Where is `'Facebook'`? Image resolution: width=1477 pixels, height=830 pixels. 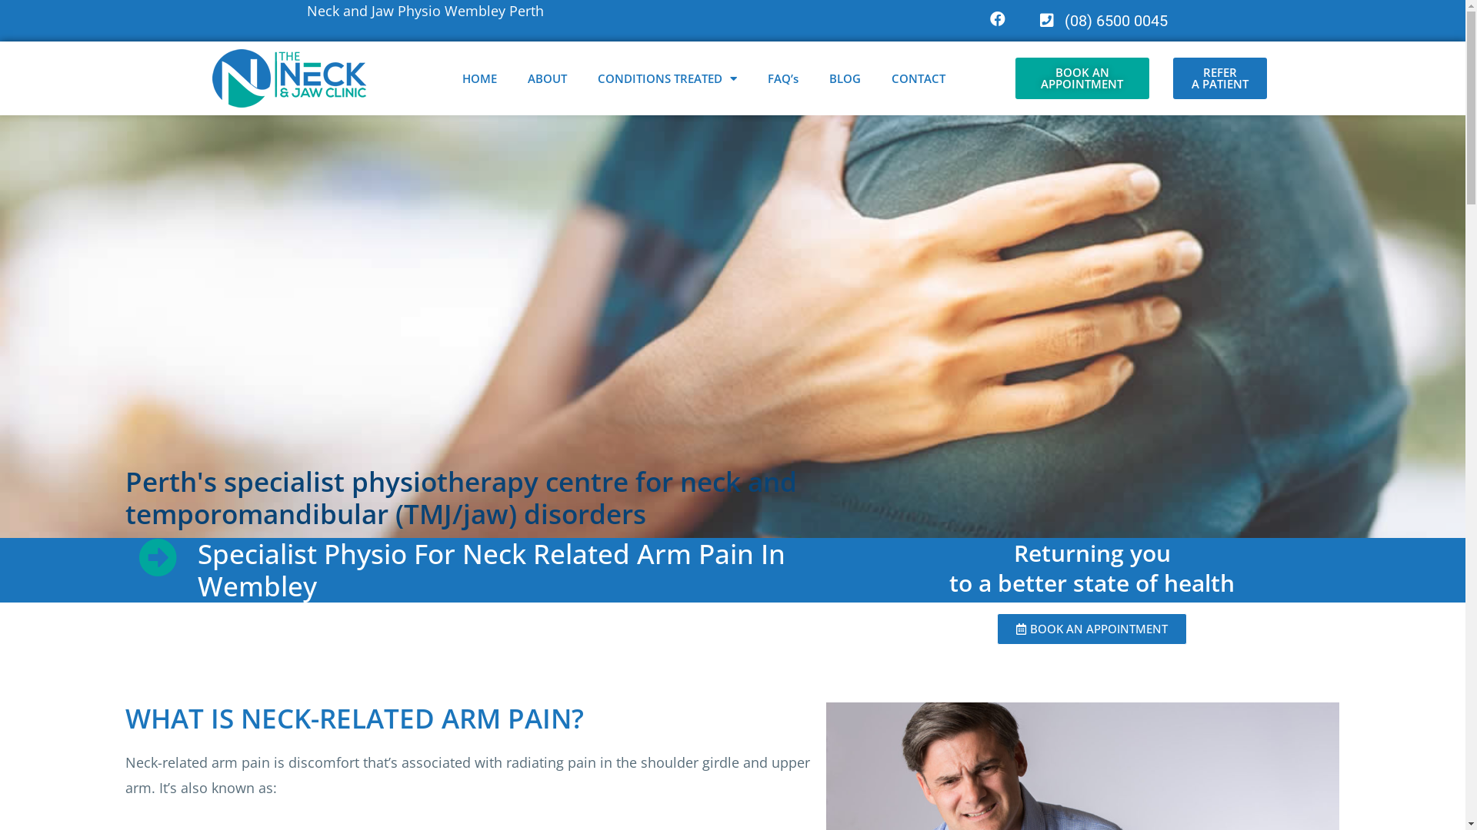 'Facebook' is located at coordinates (981, 18).